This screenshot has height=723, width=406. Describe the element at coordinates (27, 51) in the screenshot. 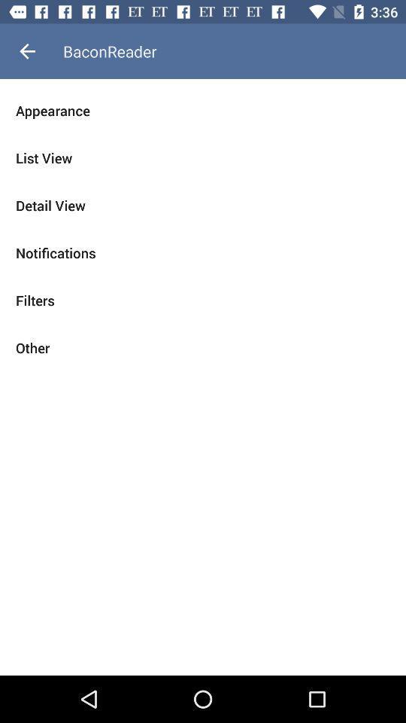

I see `the item to the left of the baconreader item` at that location.